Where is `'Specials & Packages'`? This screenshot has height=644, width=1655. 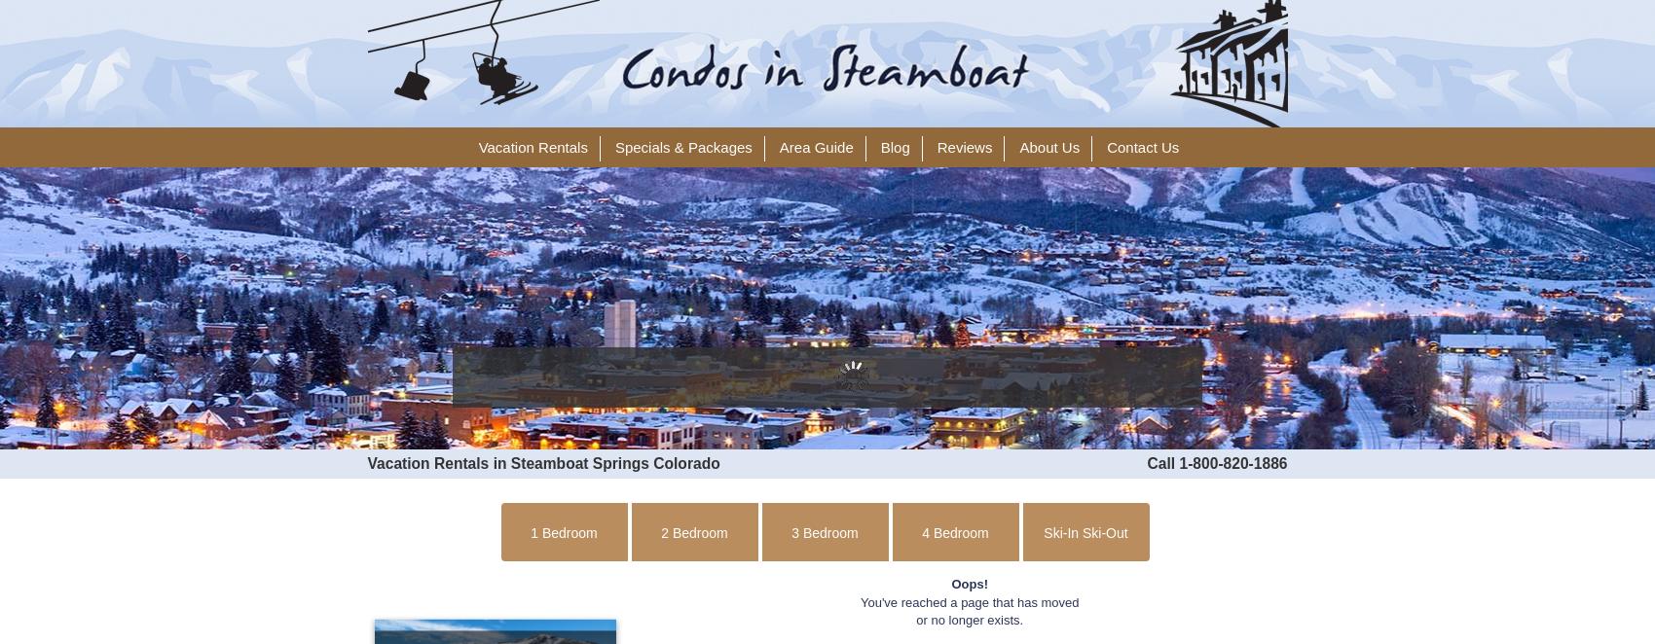
'Specials & Packages' is located at coordinates (682, 147).